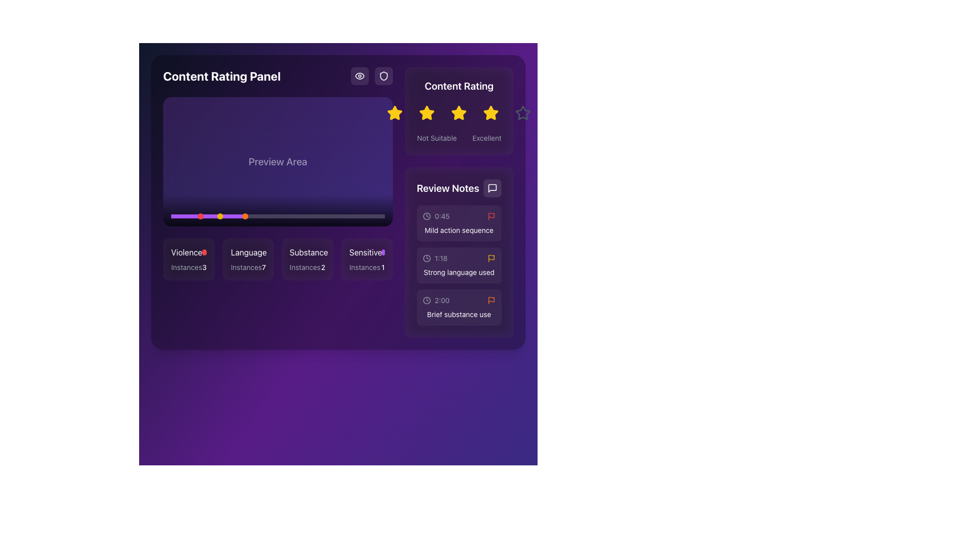 Image resolution: width=961 pixels, height=541 pixels. Describe the element at coordinates (383, 75) in the screenshot. I see `the shield-shaped icon that signifies protection or security, located at the upper-right section of the interface next to the 'Content Rating Panel'` at that location.